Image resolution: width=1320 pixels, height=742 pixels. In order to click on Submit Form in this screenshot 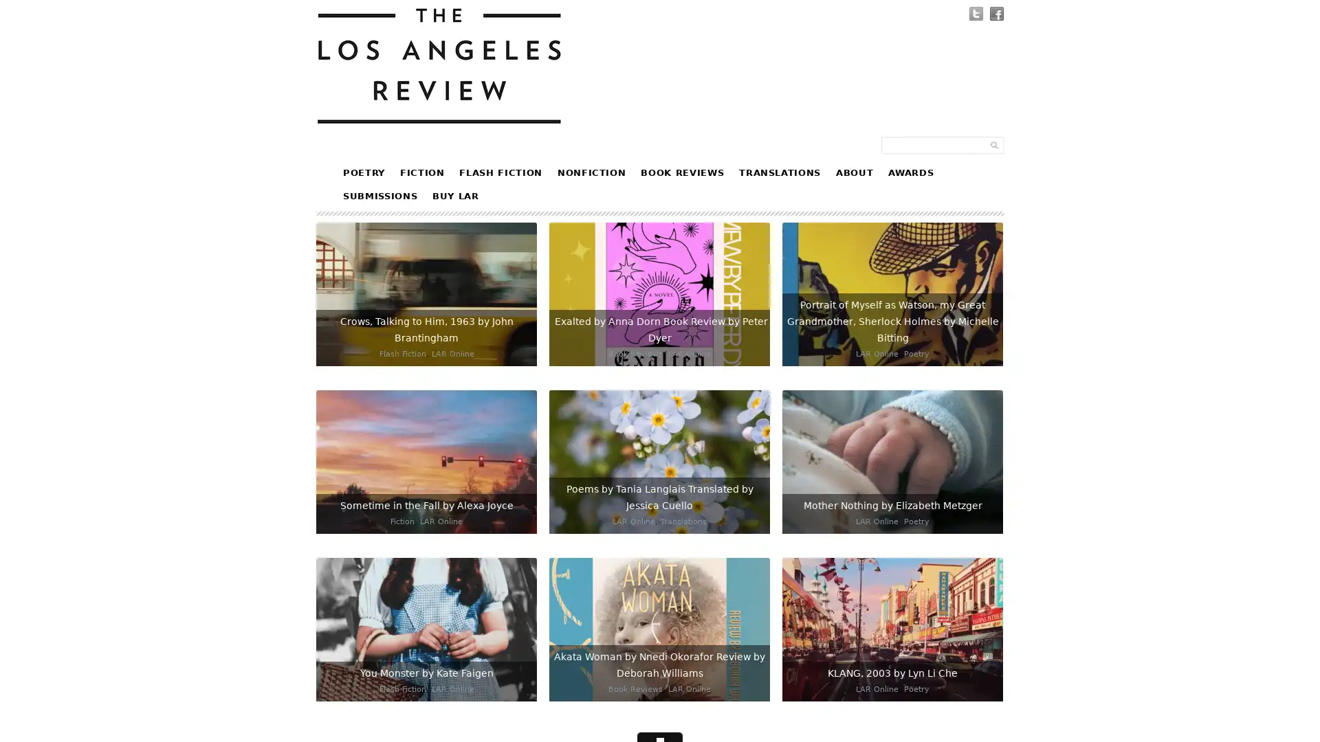, I will do `click(994, 145)`.